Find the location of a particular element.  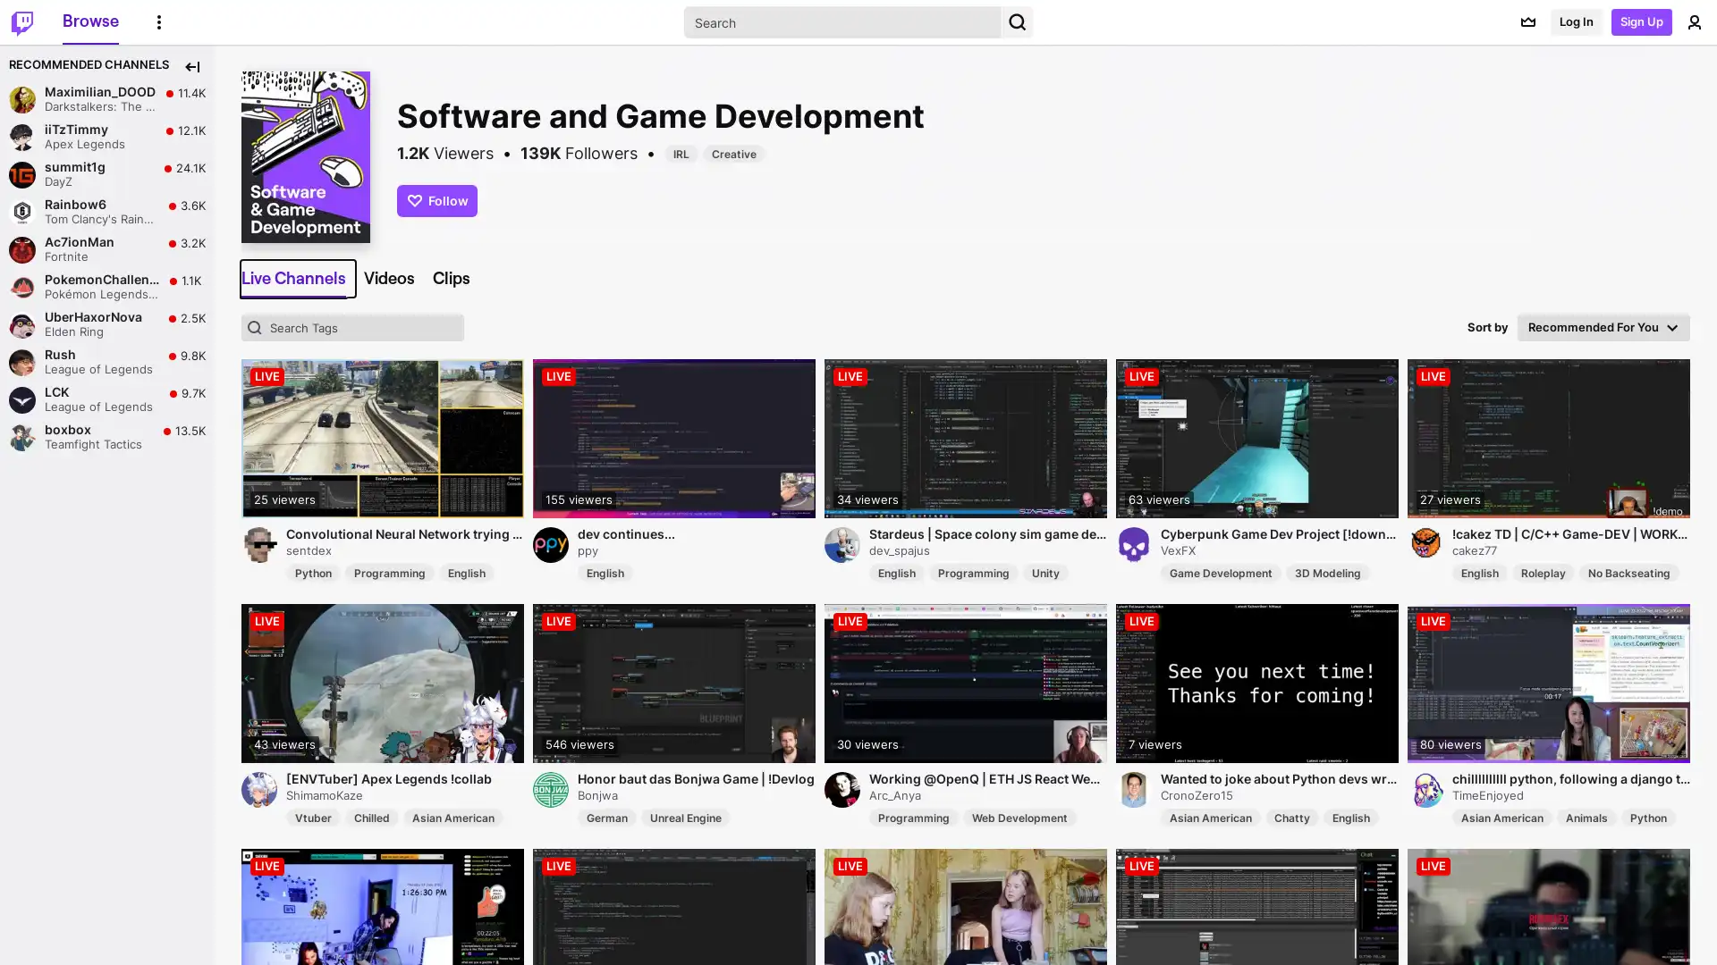

3D Modeling is located at coordinates (1327, 572).